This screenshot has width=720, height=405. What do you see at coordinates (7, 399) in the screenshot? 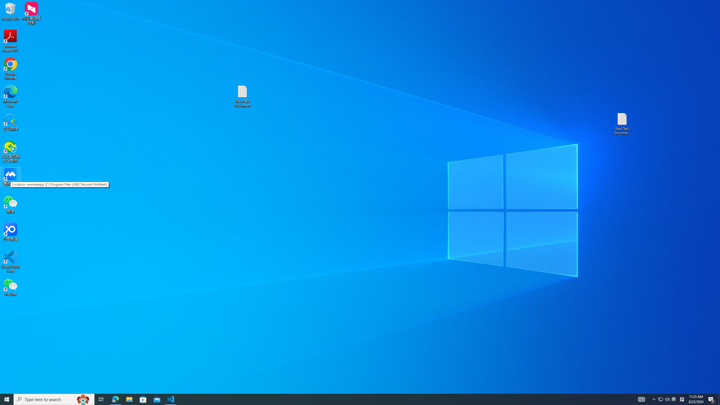
I see `'Start'` at bounding box center [7, 399].